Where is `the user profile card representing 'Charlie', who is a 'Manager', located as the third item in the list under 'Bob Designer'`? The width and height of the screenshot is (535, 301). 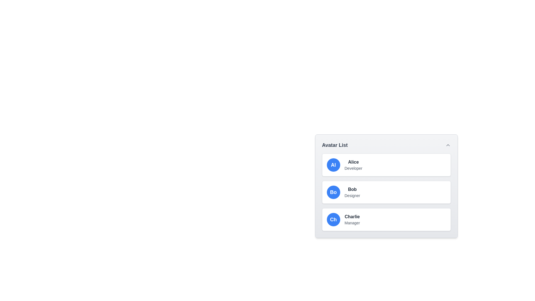
the user profile card representing 'Charlie', who is a 'Manager', located as the third item in the list under 'Bob Designer' is located at coordinates (386, 219).